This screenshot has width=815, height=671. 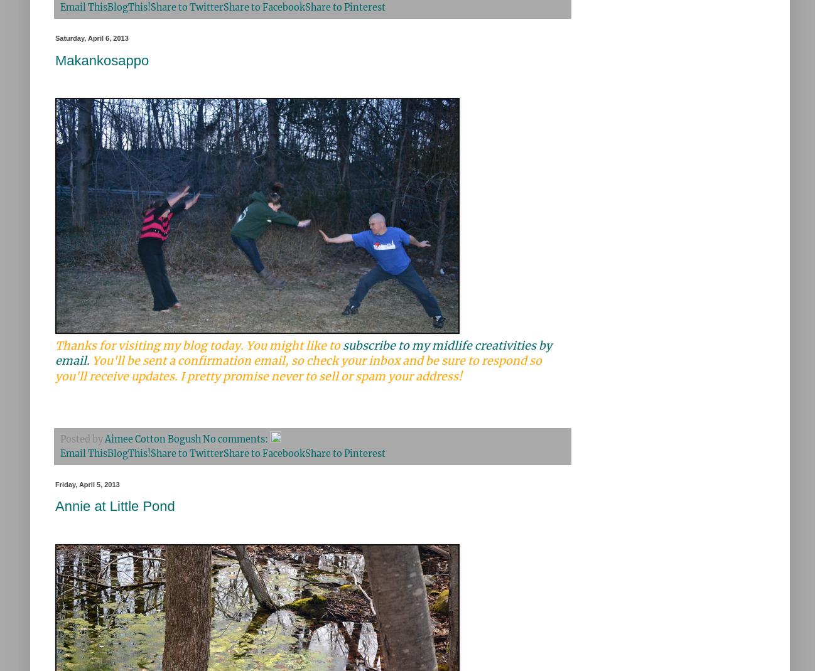 What do you see at coordinates (91, 38) in the screenshot?
I see `'Saturday, April 6, 2013'` at bounding box center [91, 38].